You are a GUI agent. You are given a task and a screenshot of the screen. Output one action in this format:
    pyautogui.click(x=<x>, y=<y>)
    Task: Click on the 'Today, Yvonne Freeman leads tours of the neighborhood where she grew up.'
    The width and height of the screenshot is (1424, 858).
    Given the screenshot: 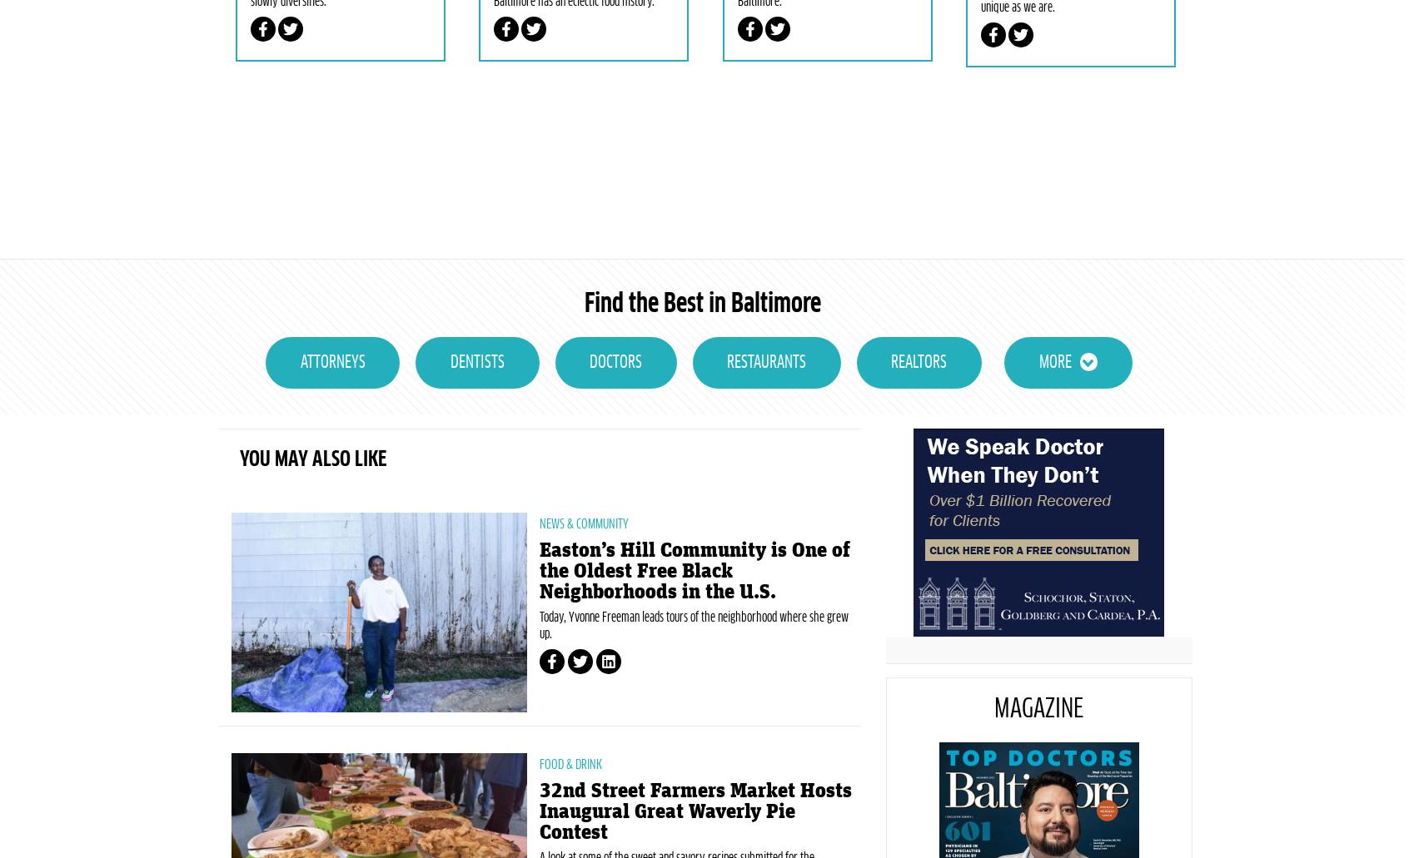 What is the action you would take?
    pyautogui.click(x=693, y=712)
    